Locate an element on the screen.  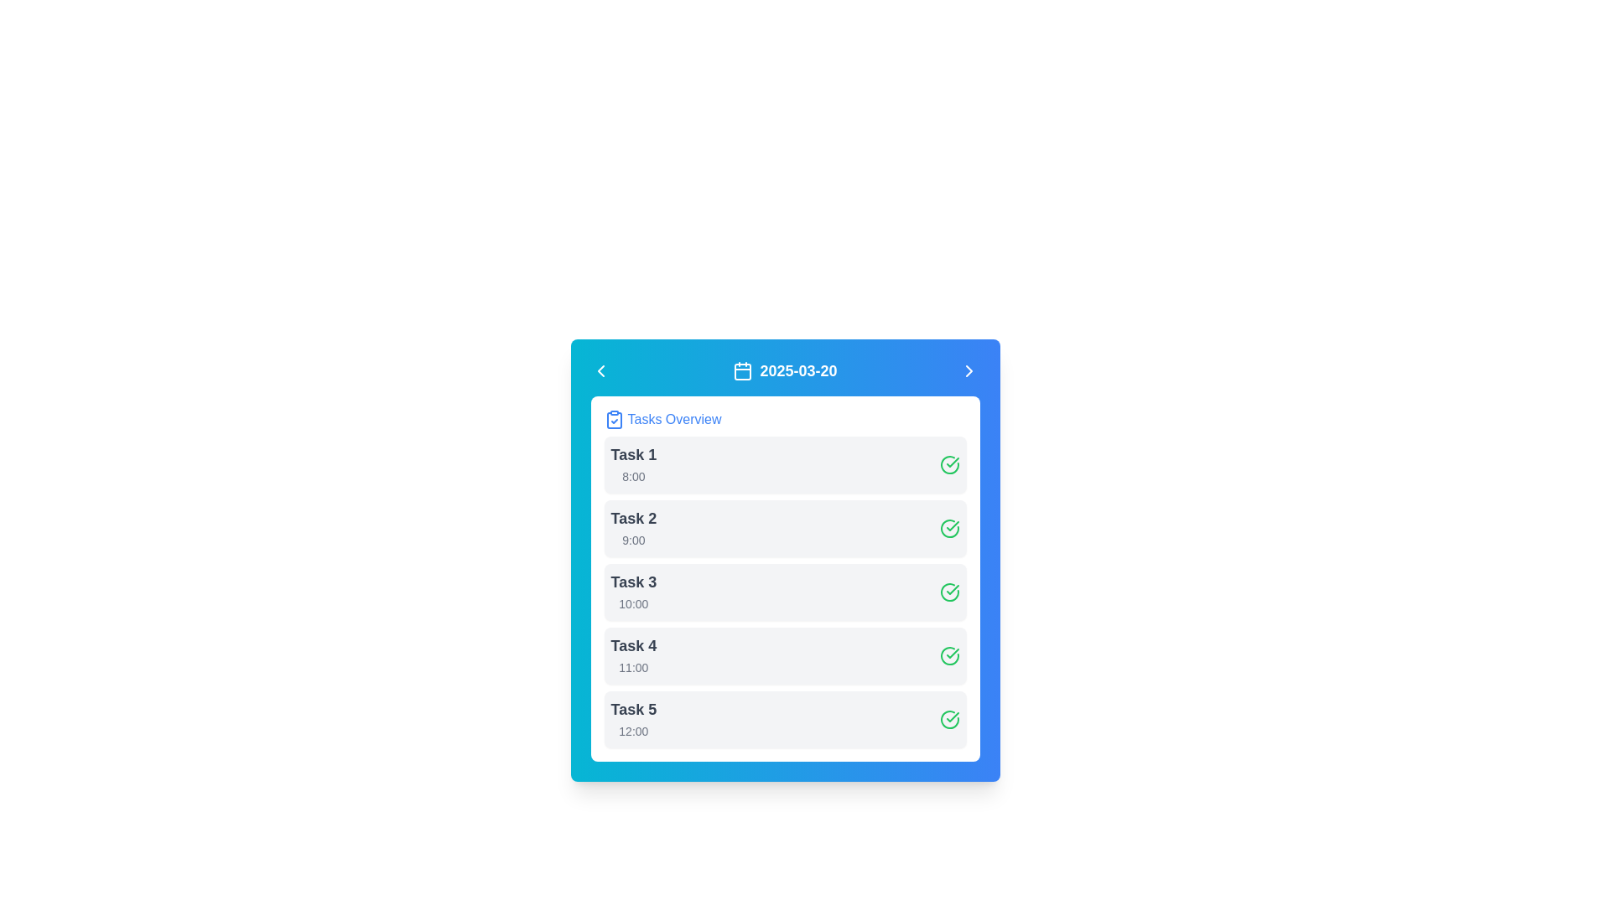
the static text element that serves as the title or summary identifier of the task located in the second row of the task management interface is located at coordinates (632, 517).